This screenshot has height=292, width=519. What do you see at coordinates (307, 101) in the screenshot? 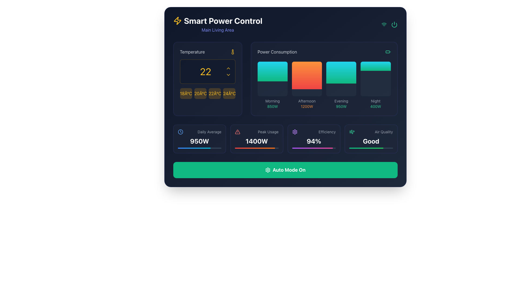
I see `the text label displaying 'Afternoon'` at bounding box center [307, 101].